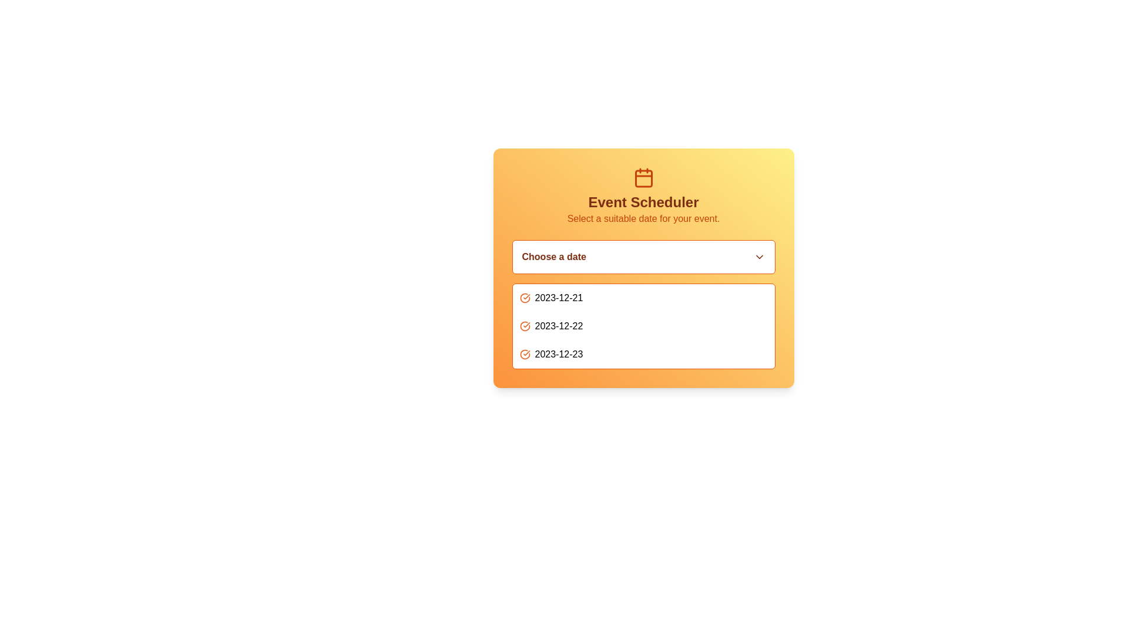  I want to click on the circular icon with an orange outline and checkmark, located to the left of the date '2023-12-21' in the vertical list of dates, so click(524, 298).